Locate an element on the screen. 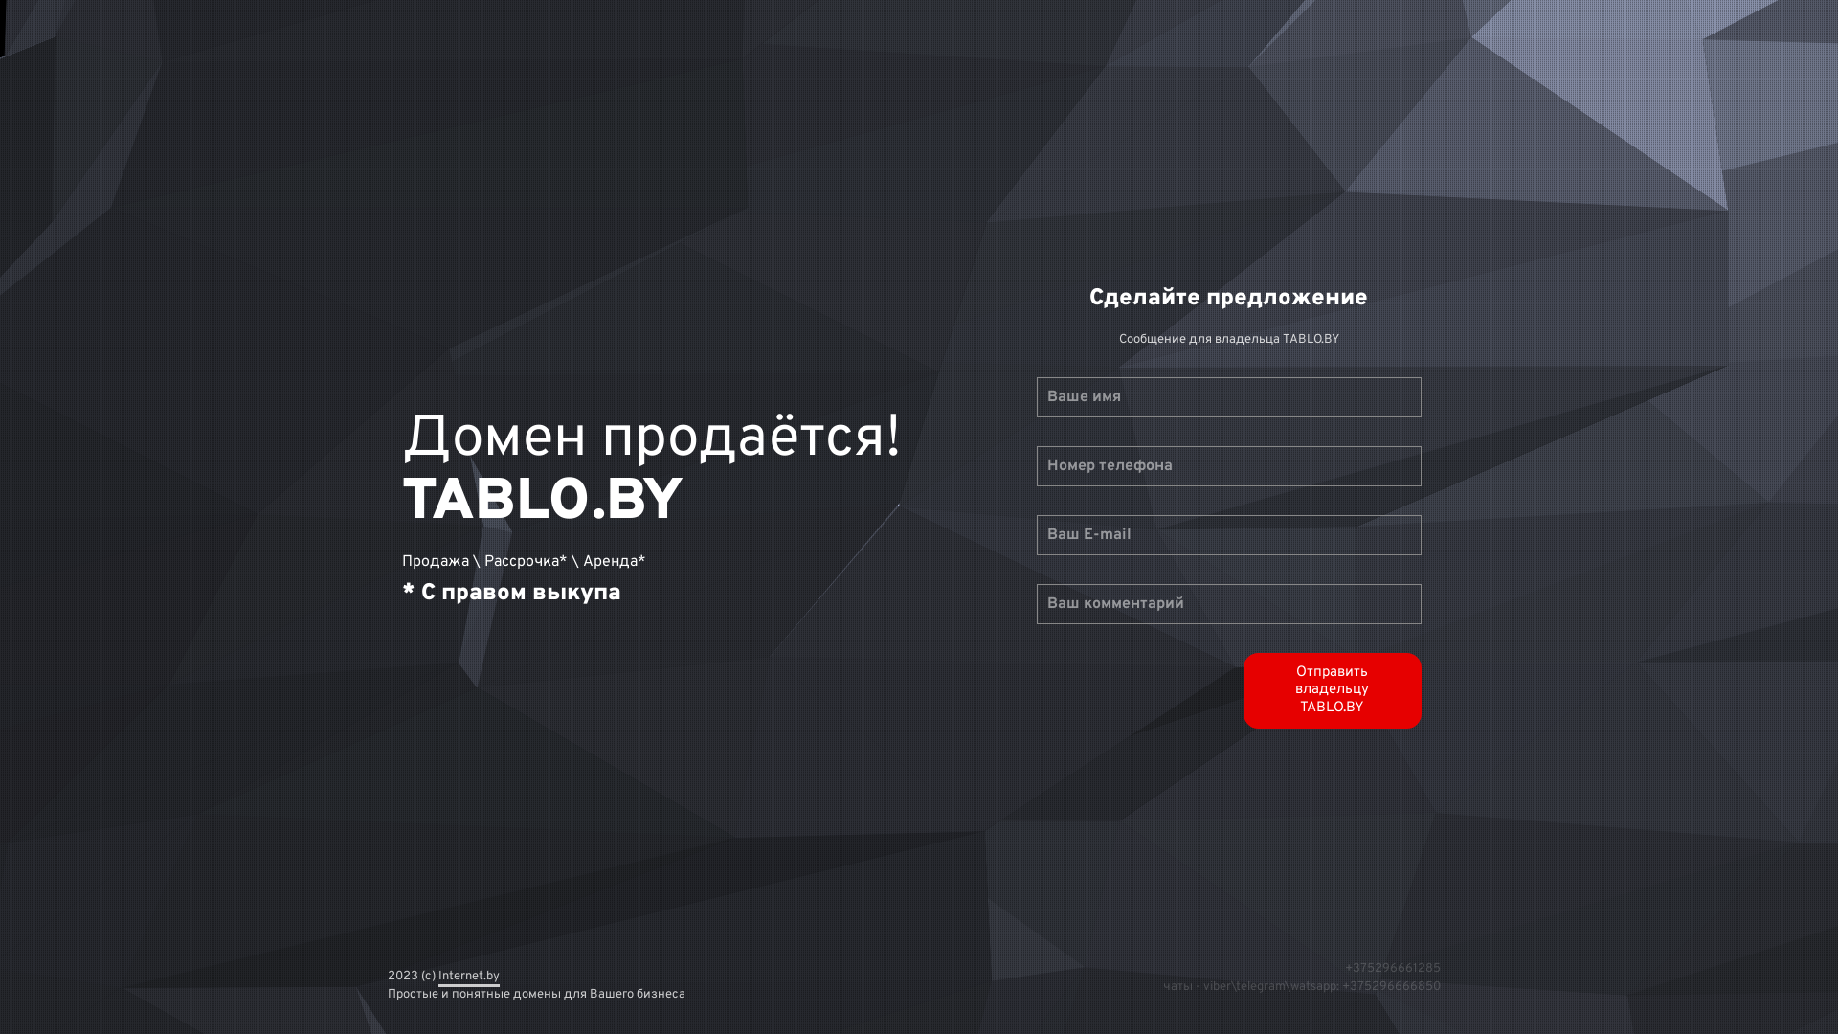 This screenshot has height=1034, width=1838. '+375296661285' is located at coordinates (1392, 967).